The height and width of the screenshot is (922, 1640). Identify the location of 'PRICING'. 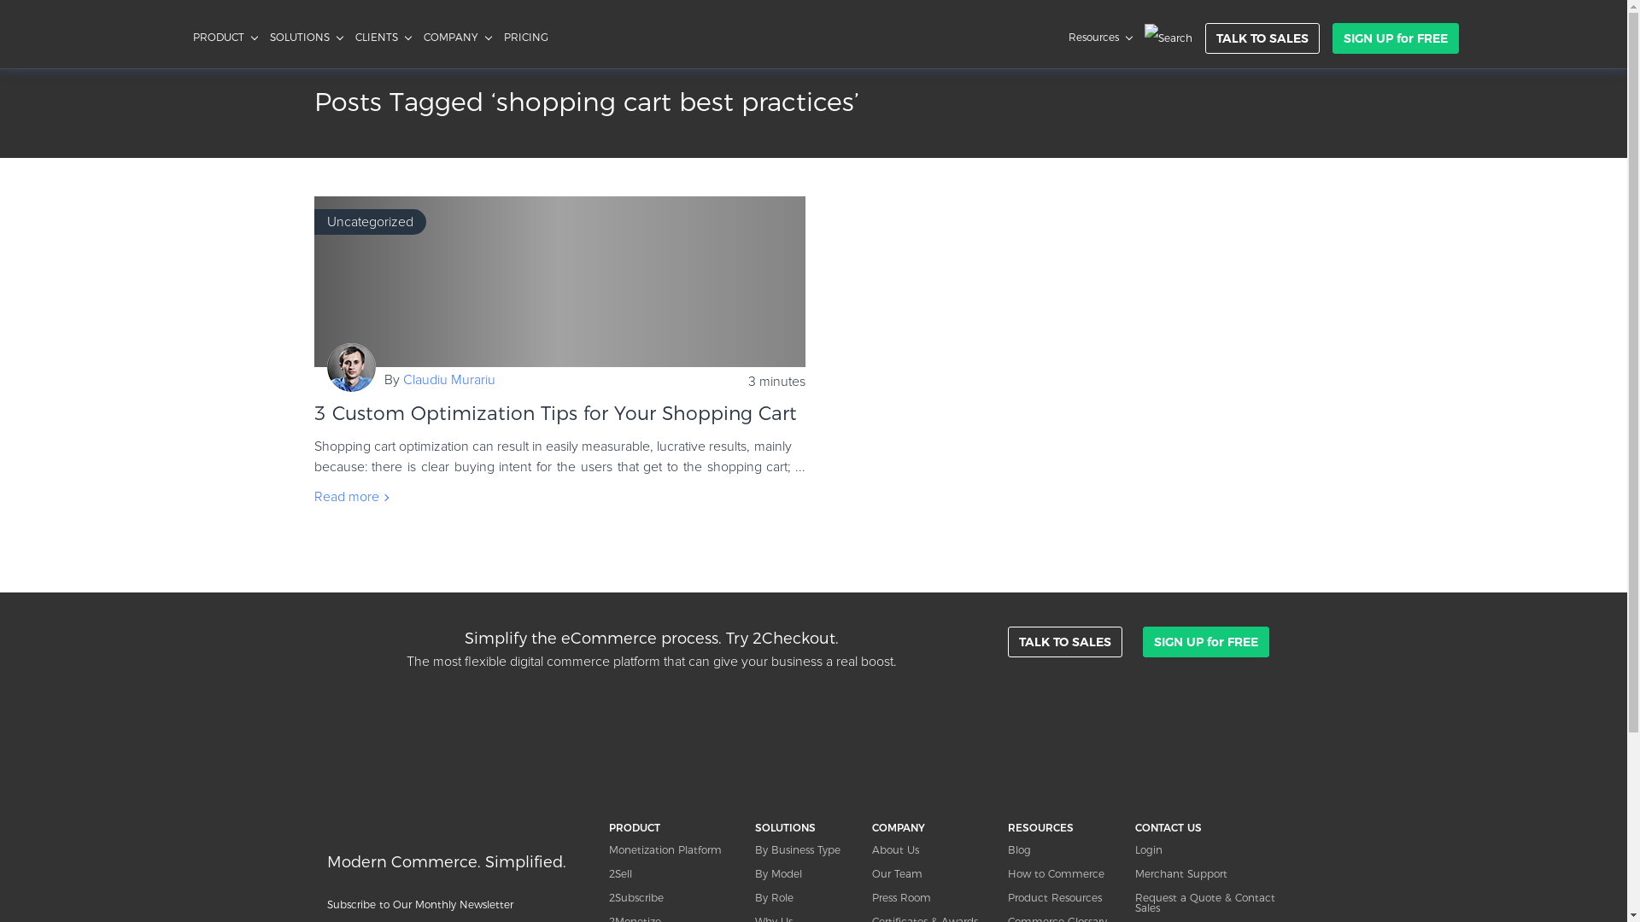
(524, 37).